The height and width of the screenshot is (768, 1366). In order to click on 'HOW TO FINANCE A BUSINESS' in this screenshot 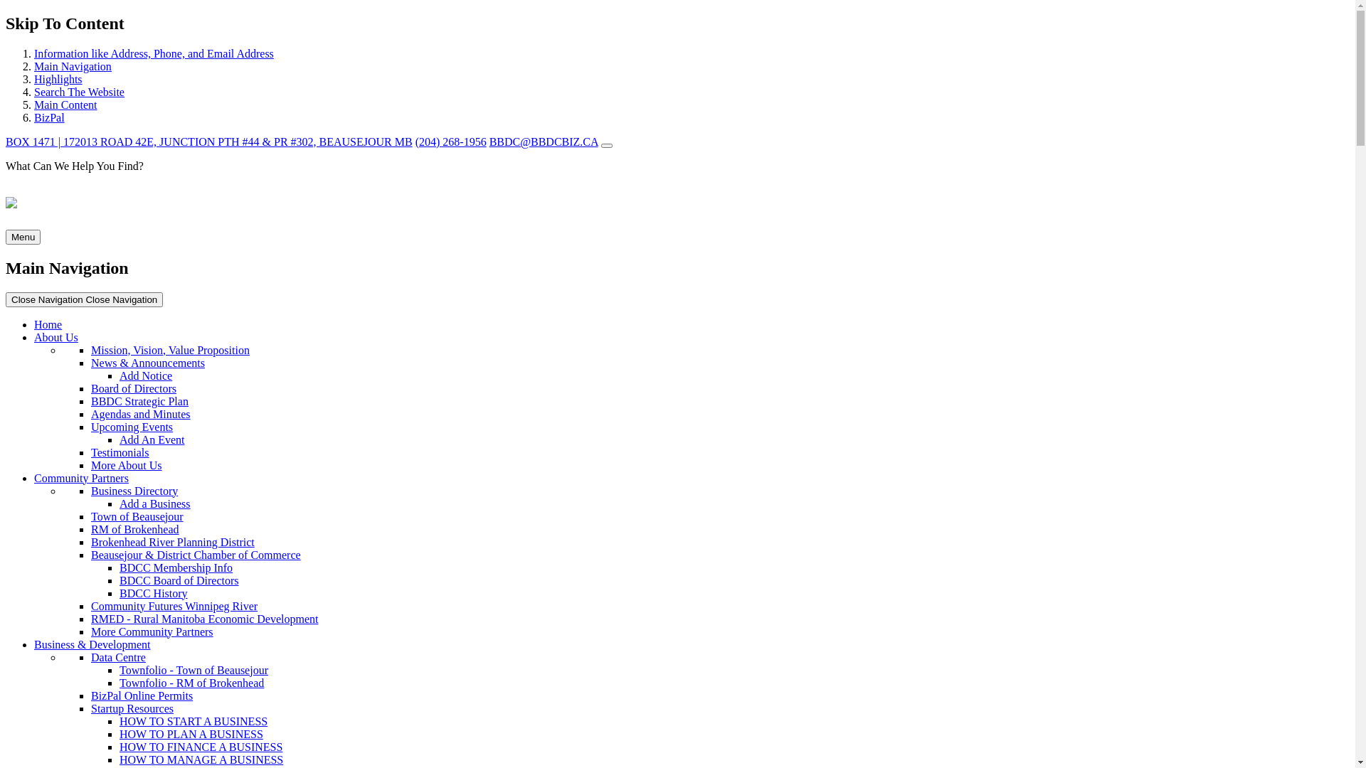, I will do `click(200, 746)`.